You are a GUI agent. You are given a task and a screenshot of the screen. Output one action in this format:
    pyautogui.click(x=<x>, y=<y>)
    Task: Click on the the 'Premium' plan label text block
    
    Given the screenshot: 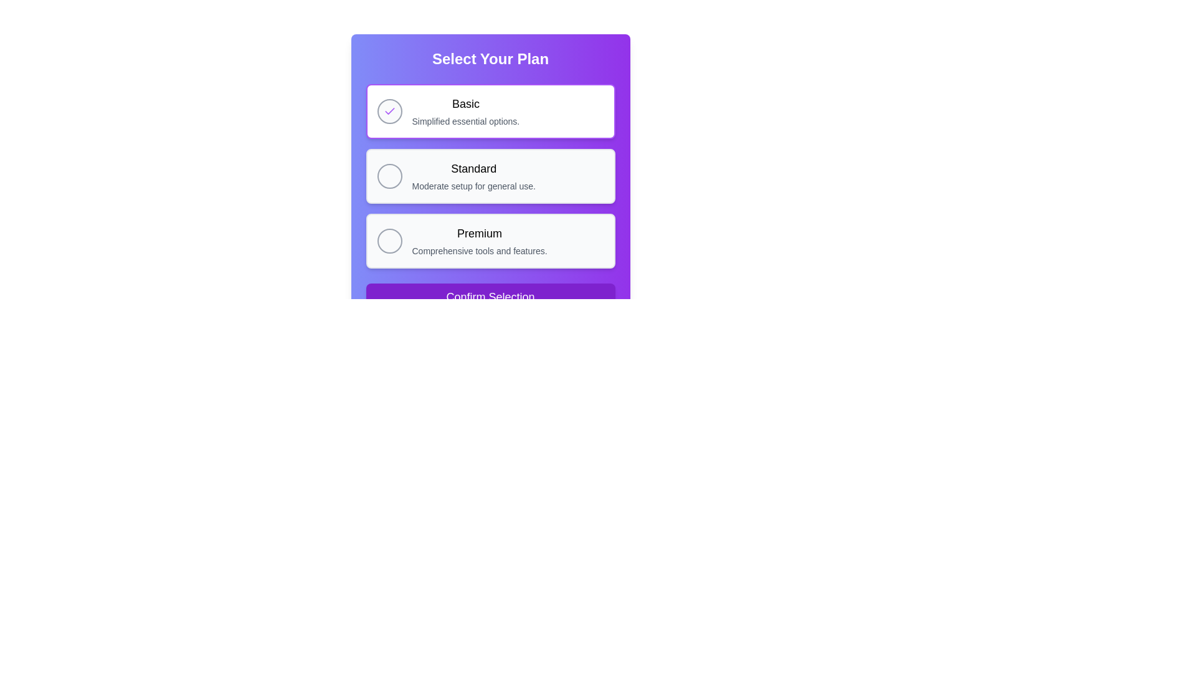 What is the action you would take?
    pyautogui.click(x=479, y=241)
    